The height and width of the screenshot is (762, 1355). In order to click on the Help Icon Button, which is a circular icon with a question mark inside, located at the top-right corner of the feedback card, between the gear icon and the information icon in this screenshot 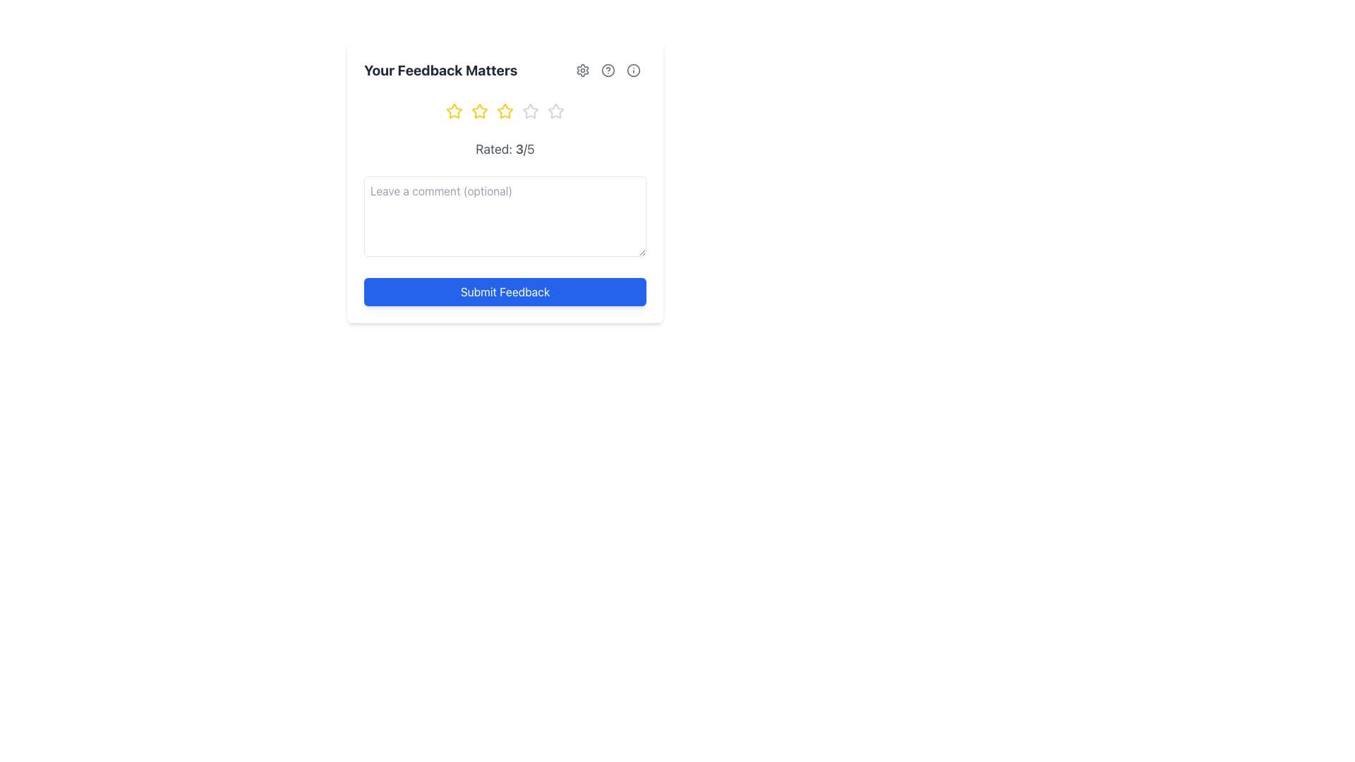, I will do `click(608, 71)`.